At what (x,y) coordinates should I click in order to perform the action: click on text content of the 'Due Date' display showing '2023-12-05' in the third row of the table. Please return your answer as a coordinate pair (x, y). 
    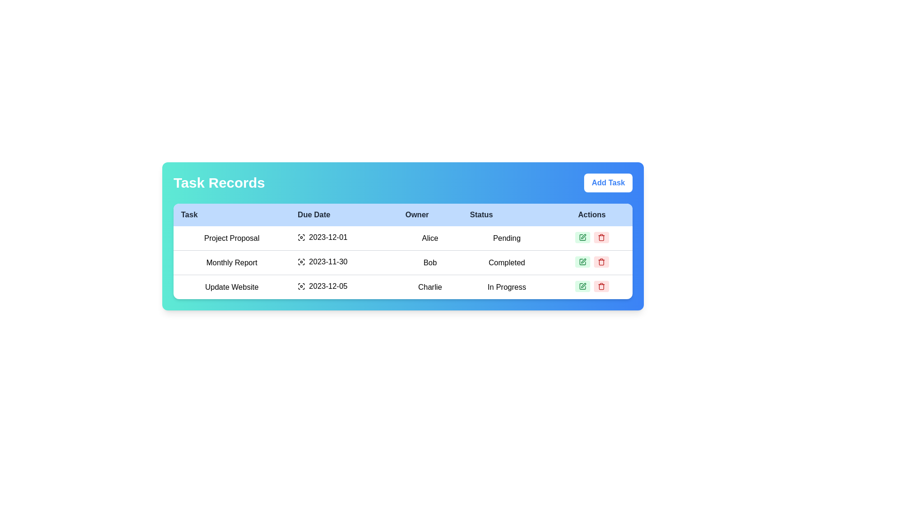
    Looking at the image, I should click on (343, 286).